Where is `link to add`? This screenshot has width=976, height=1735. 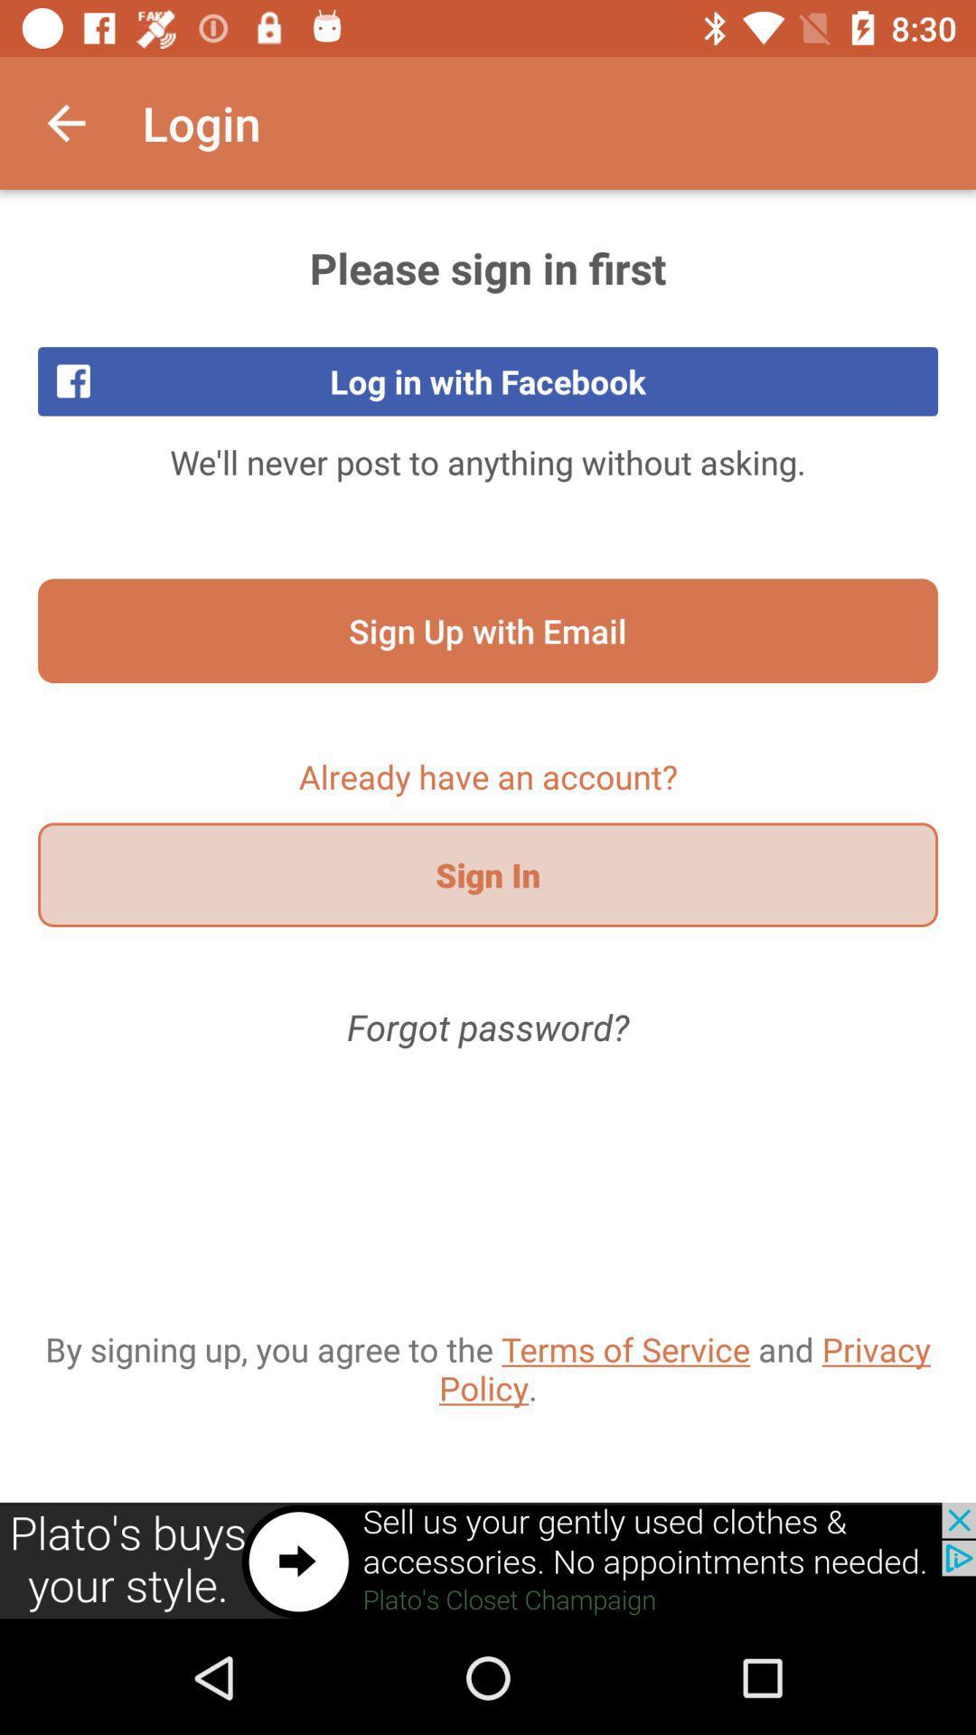 link to add is located at coordinates (488, 1561).